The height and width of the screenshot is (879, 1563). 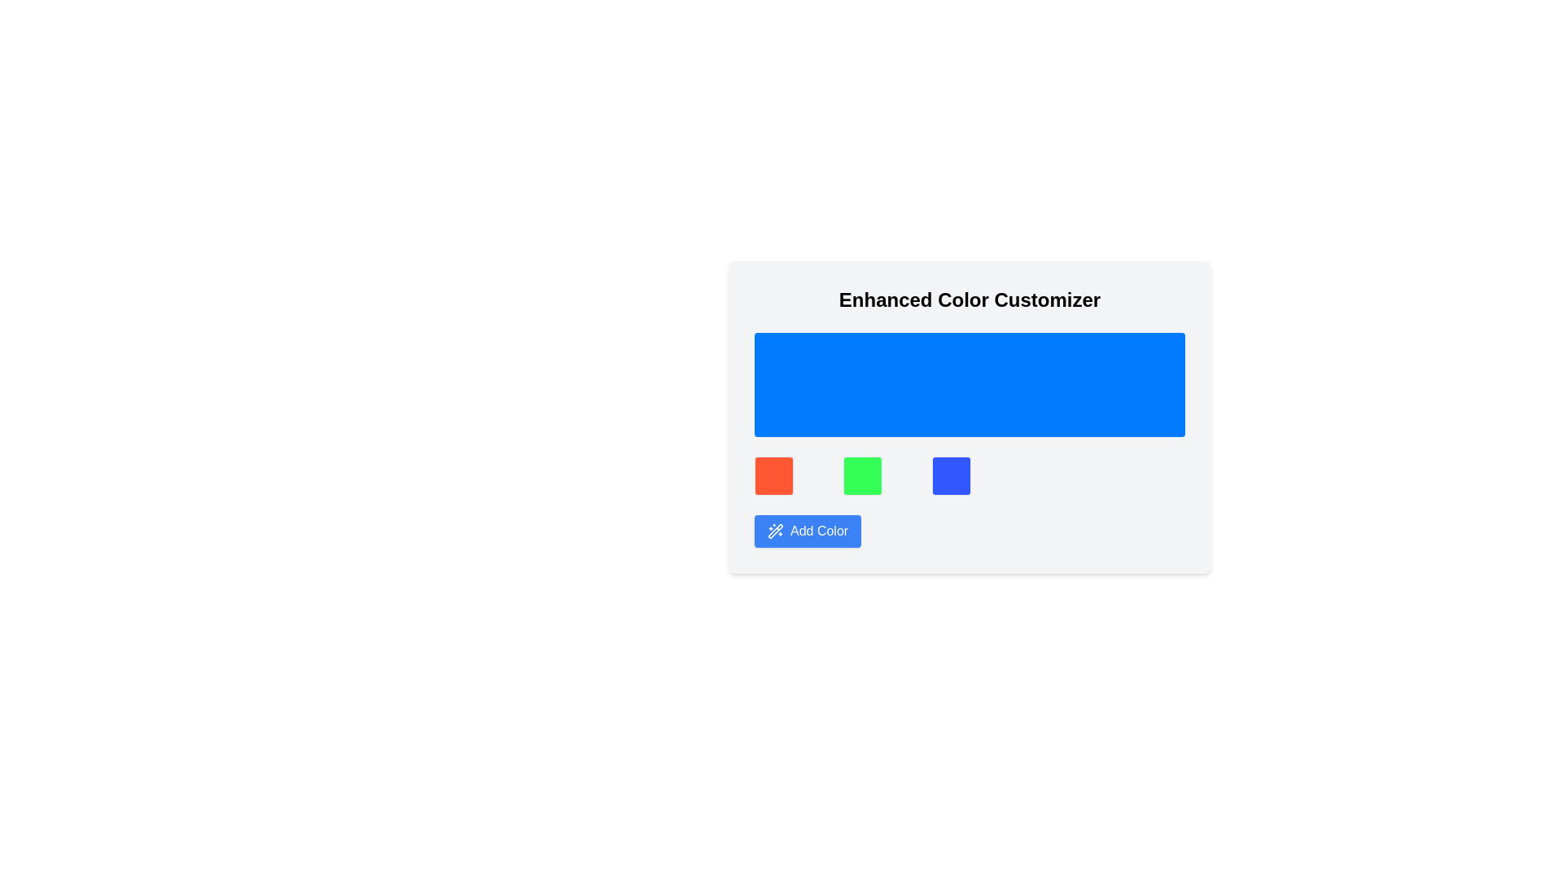 What do you see at coordinates (808, 531) in the screenshot?
I see `the button at the bottom of the 'Enhanced Color Customizer' section` at bounding box center [808, 531].